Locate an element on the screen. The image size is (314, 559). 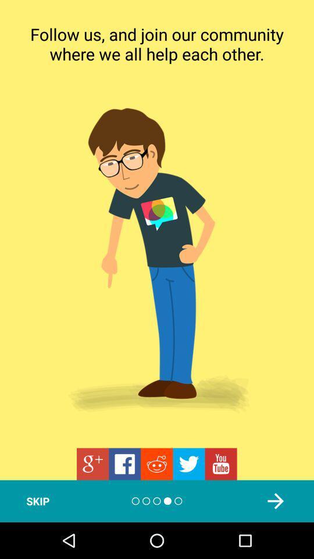
the twitter icon is located at coordinates (188, 464).